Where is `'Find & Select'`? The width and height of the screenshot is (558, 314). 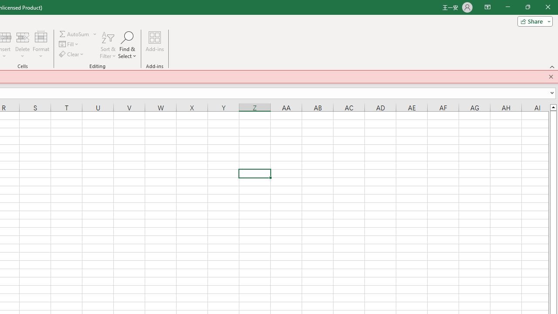
'Find & Select' is located at coordinates (127, 45).